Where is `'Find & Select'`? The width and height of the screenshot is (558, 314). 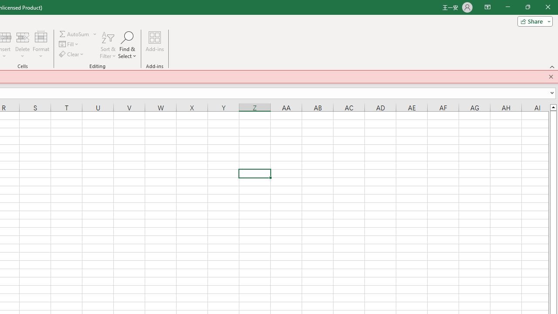
'Find & Select' is located at coordinates (127, 45).